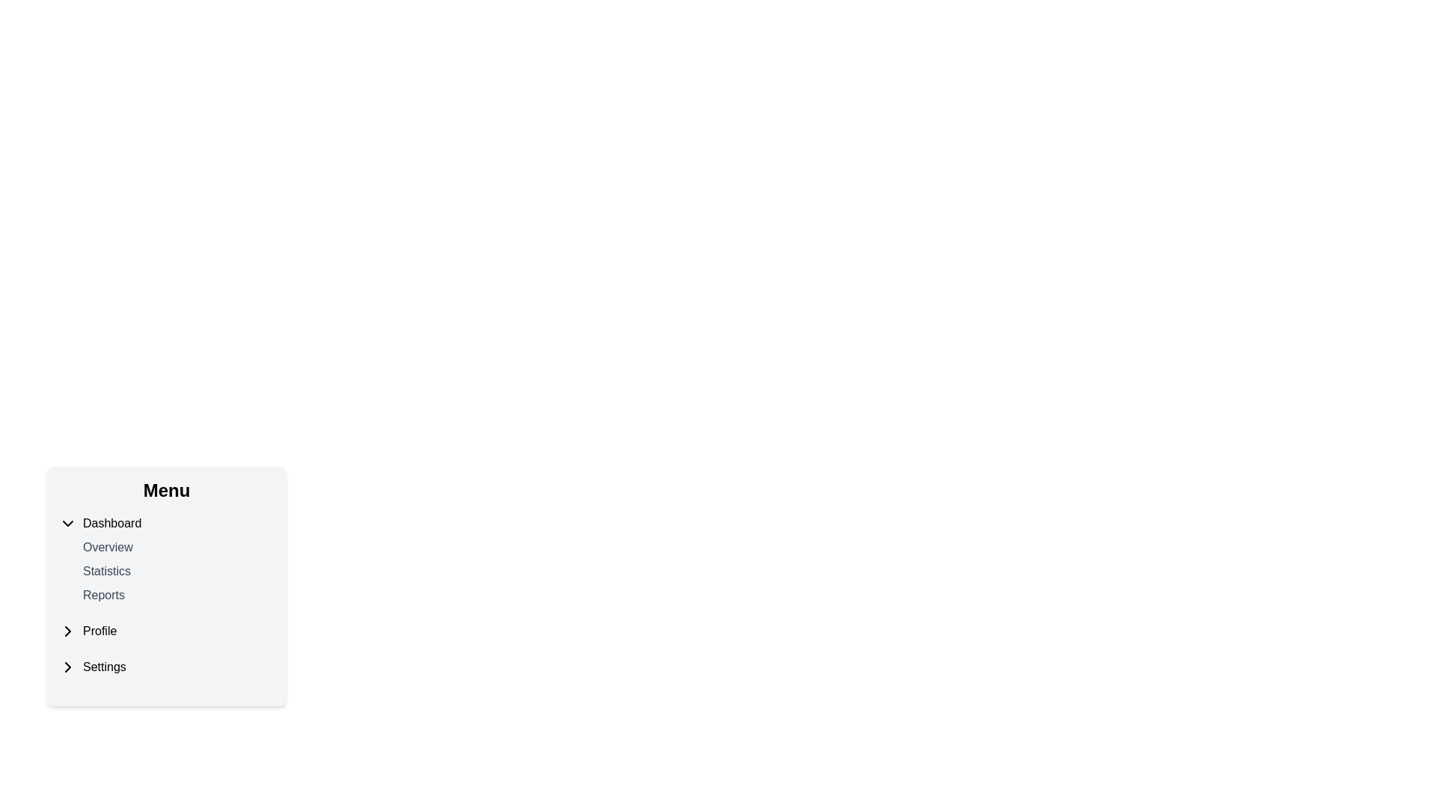 This screenshot has width=1436, height=808. What do you see at coordinates (99, 631) in the screenshot?
I see `the 'Profile' text label in the vertical navigation menu, which is the second item from the left under the 'Menu' heading` at bounding box center [99, 631].